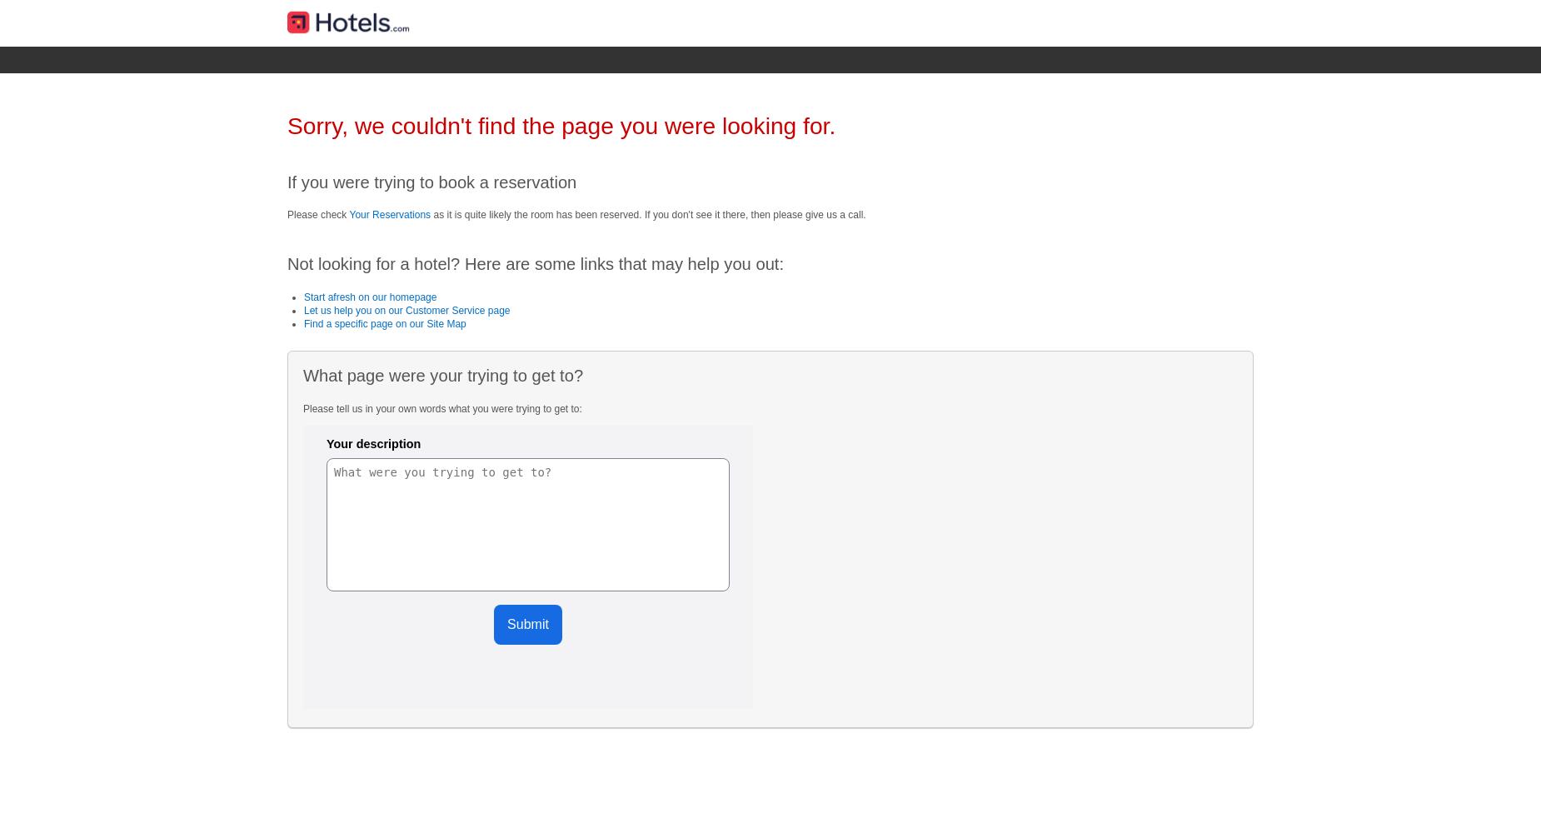  What do you see at coordinates (369, 296) in the screenshot?
I see `'Start afresh on our homepage'` at bounding box center [369, 296].